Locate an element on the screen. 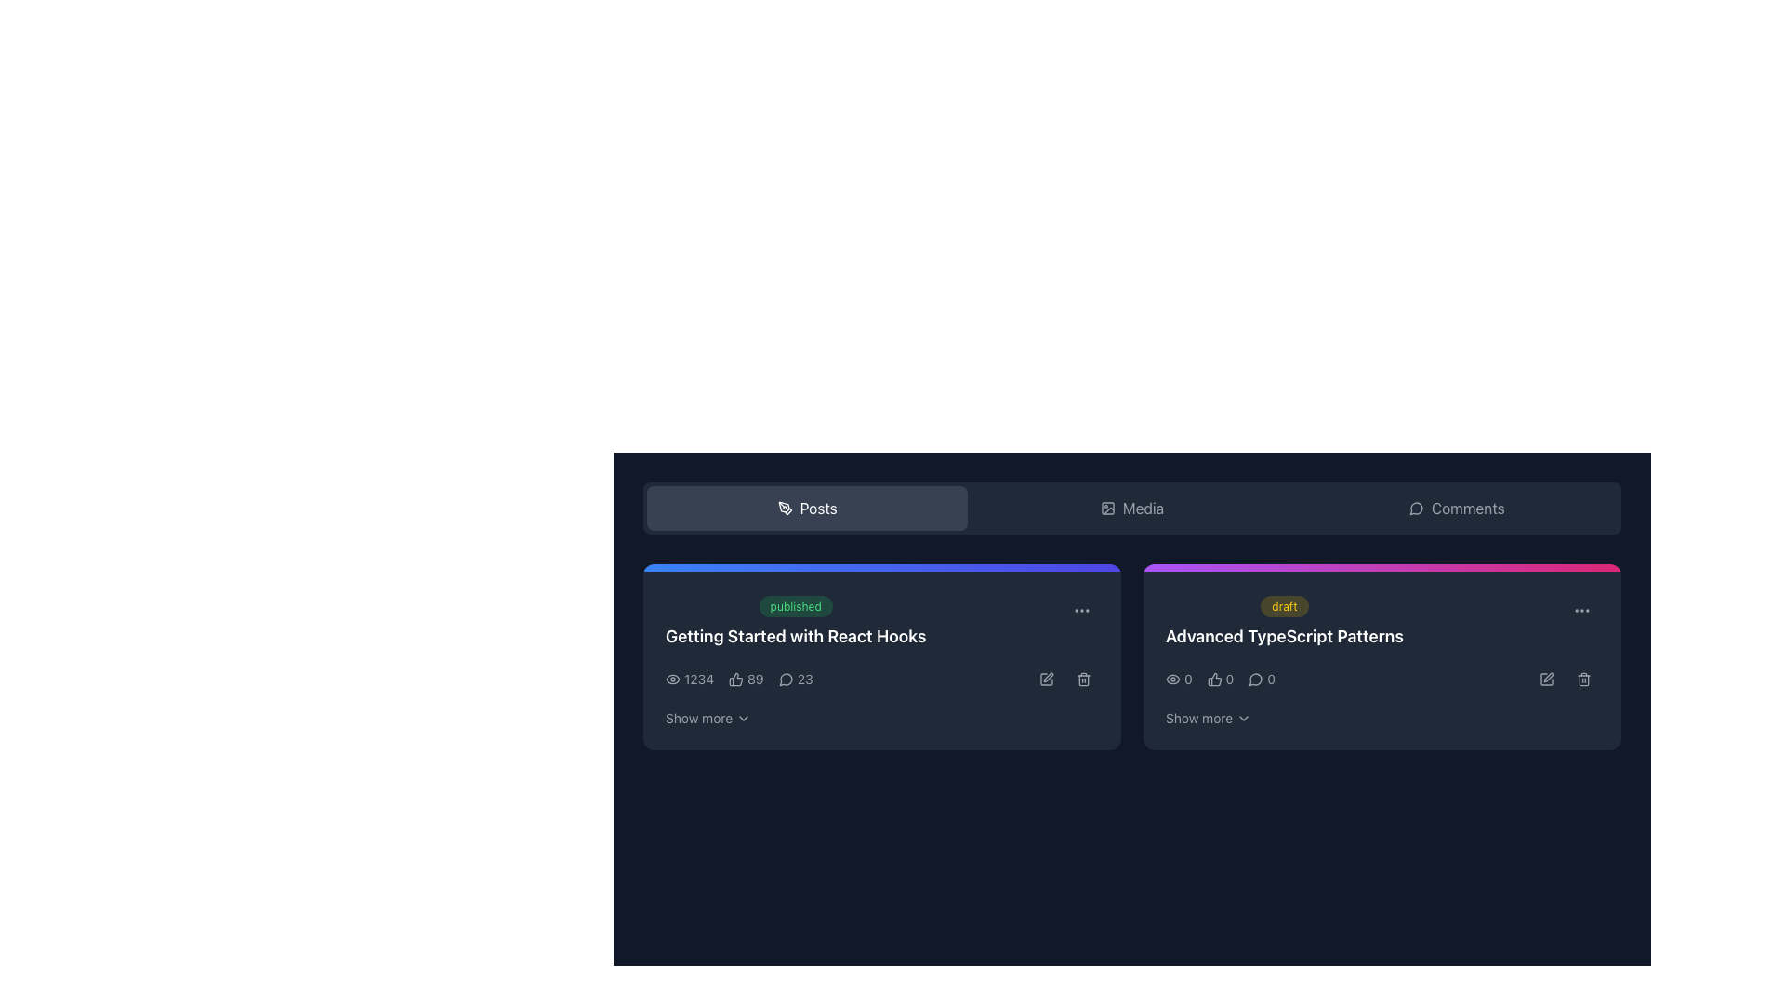 The height and width of the screenshot is (1004, 1785). the 'Show more' text label at the bottom of the left-hand card is located at coordinates (698, 717).